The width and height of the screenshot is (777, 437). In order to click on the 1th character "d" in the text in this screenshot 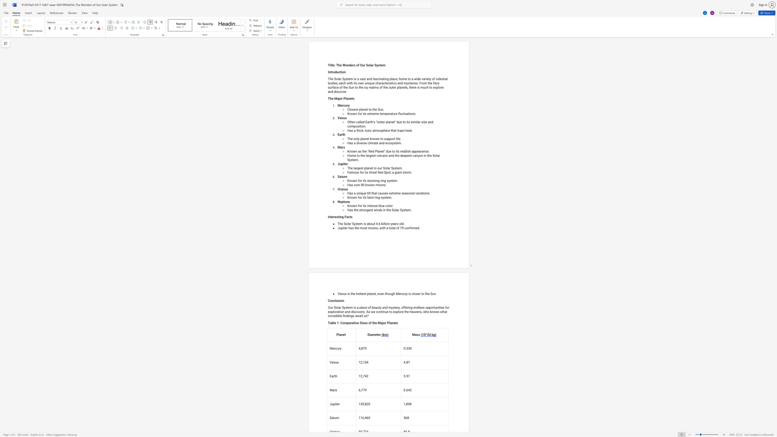, I will do `click(373, 151)`.